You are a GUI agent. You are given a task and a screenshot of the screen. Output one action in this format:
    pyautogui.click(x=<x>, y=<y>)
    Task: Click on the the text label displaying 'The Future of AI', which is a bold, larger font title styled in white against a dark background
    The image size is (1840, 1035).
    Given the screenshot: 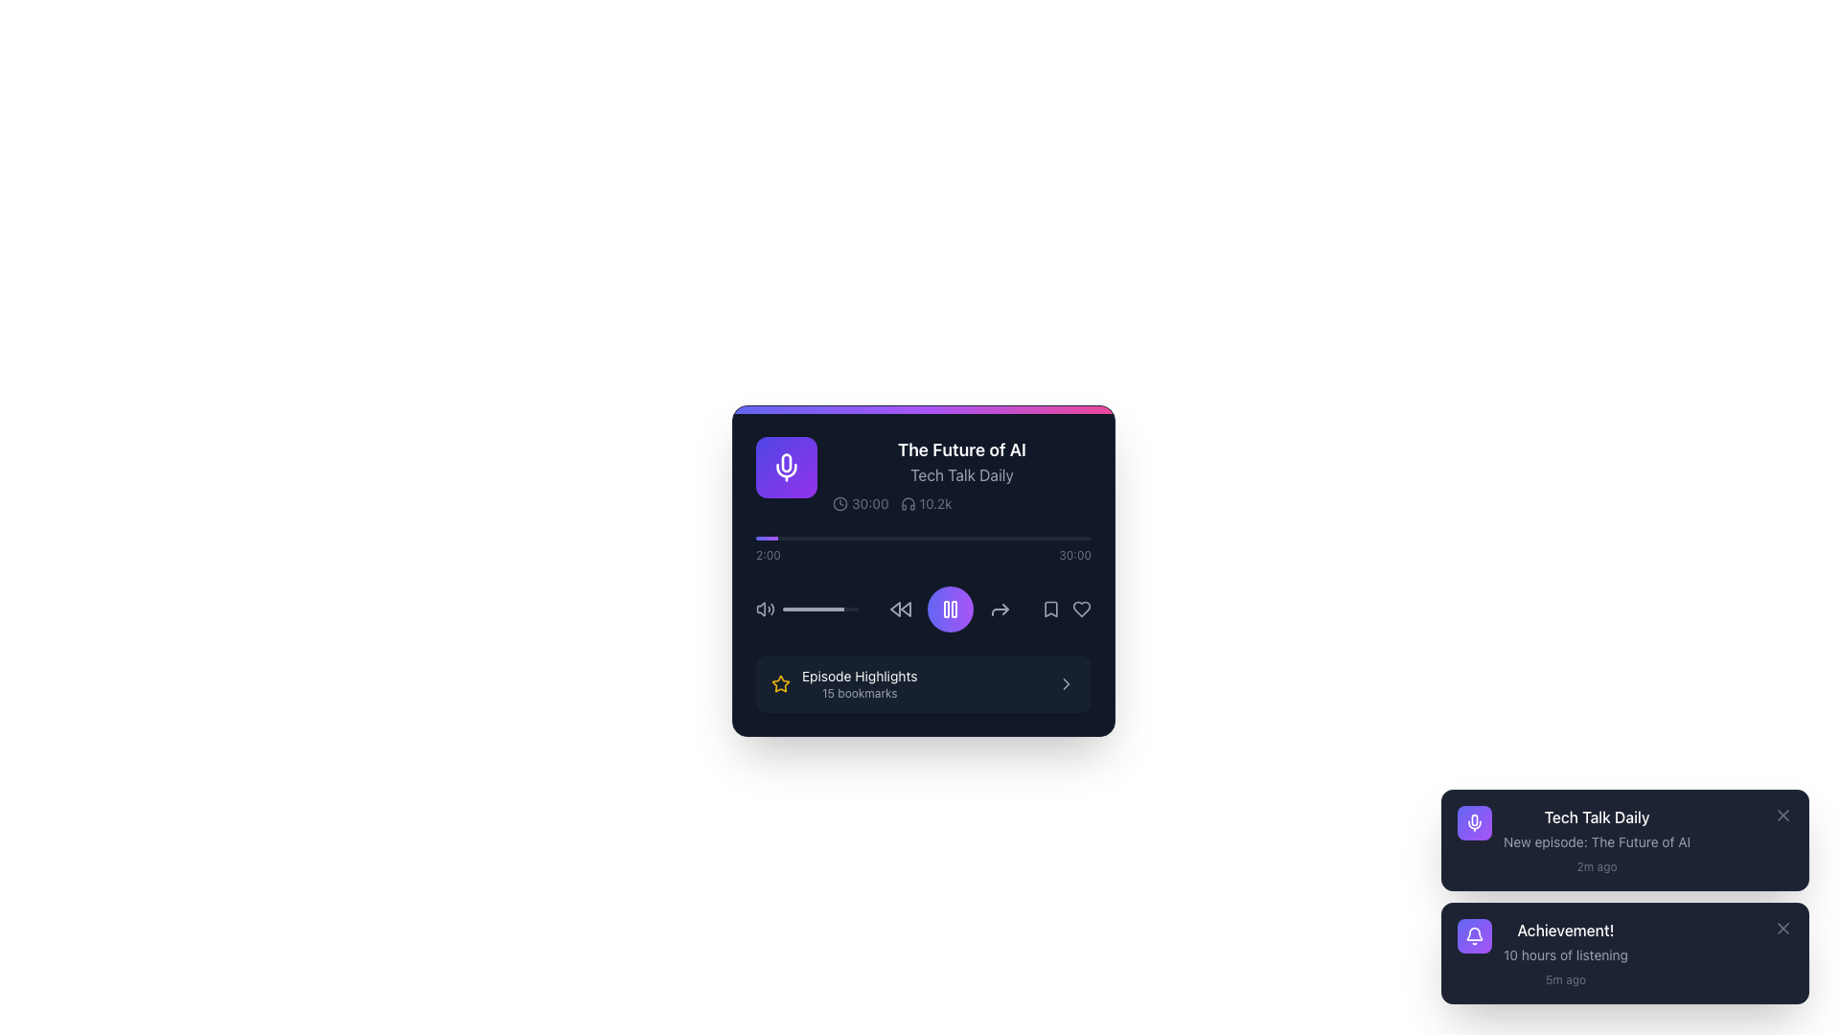 What is the action you would take?
    pyautogui.click(x=961, y=450)
    